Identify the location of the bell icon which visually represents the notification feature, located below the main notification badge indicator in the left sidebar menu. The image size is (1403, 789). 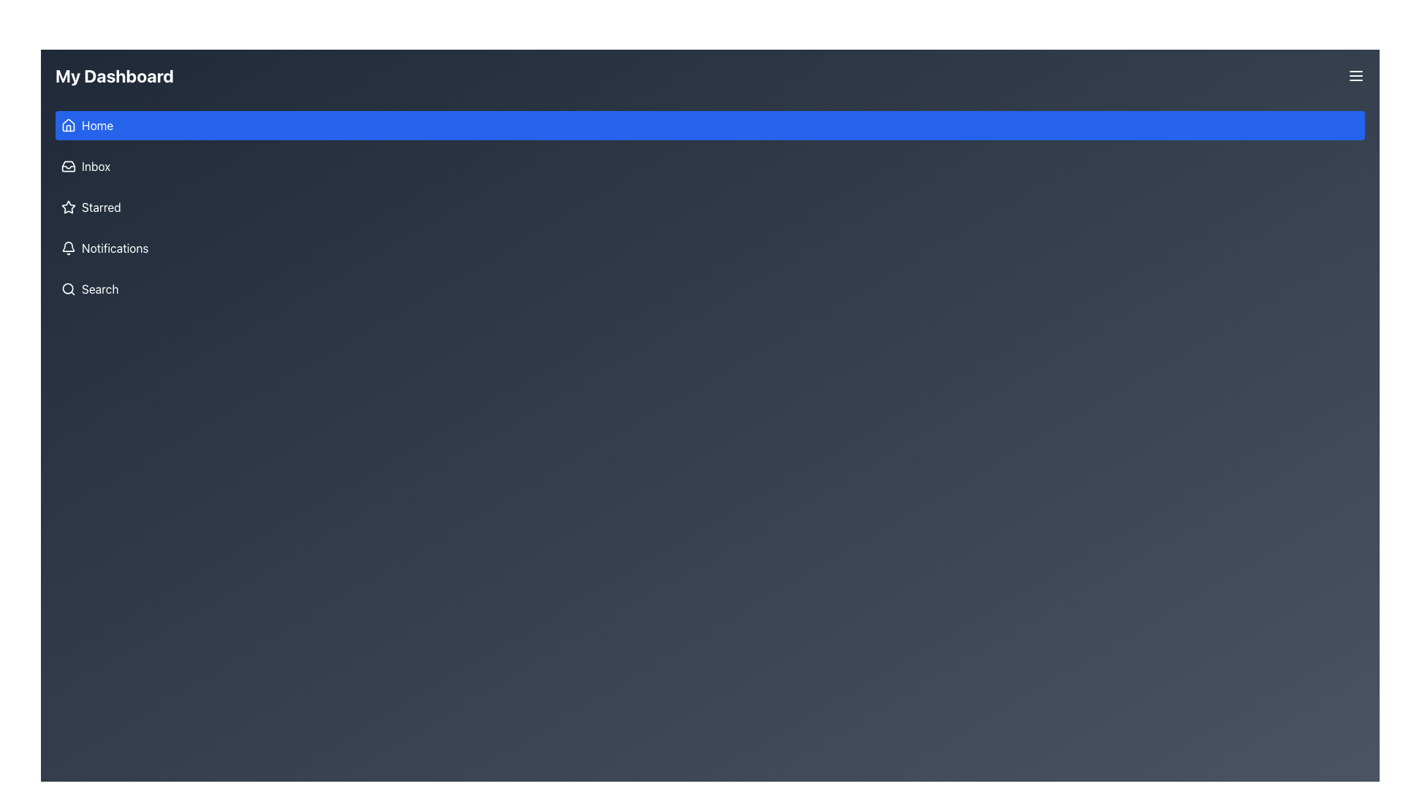
(68, 245).